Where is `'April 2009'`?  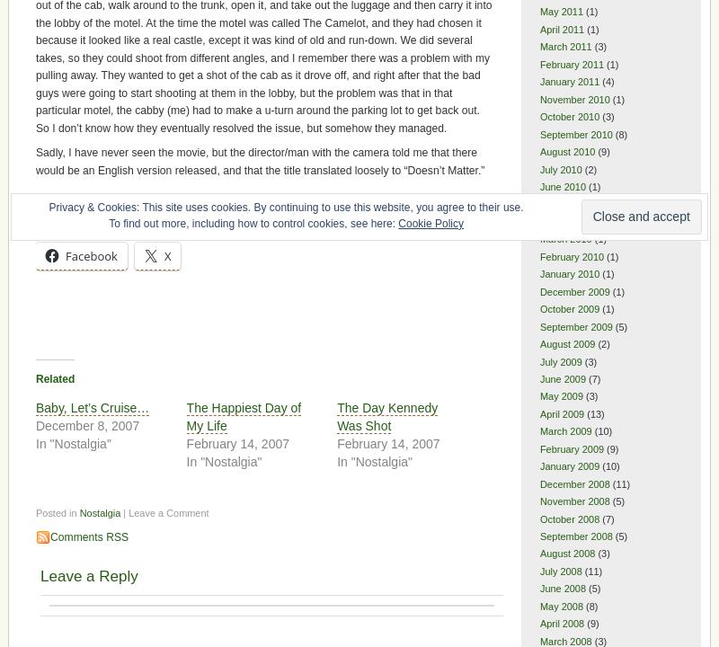 'April 2009' is located at coordinates (561, 413).